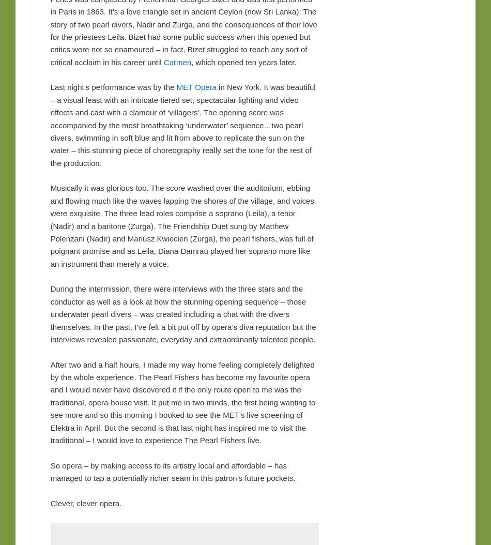 The width and height of the screenshot is (491, 545). What do you see at coordinates (243, 62) in the screenshot?
I see `', which opened ten years later.'` at bounding box center [243, 62].